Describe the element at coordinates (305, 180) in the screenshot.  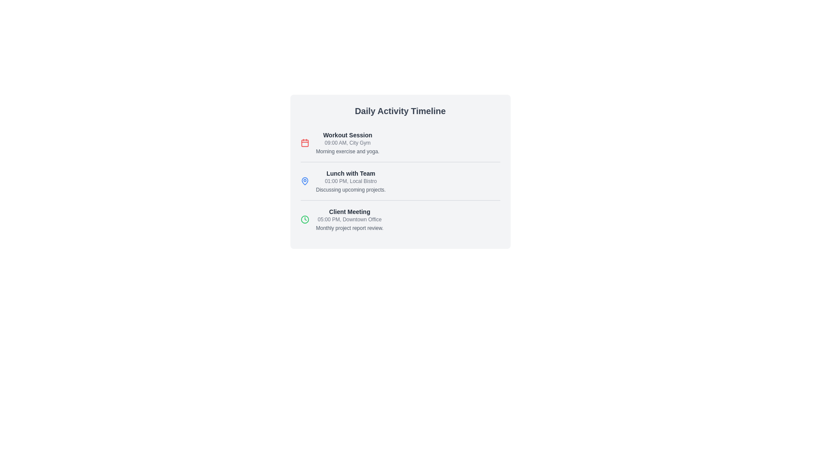
I see `the icon indicating the 'Lunch with Team' event location, which is located to the left of the event details text block` at that location.